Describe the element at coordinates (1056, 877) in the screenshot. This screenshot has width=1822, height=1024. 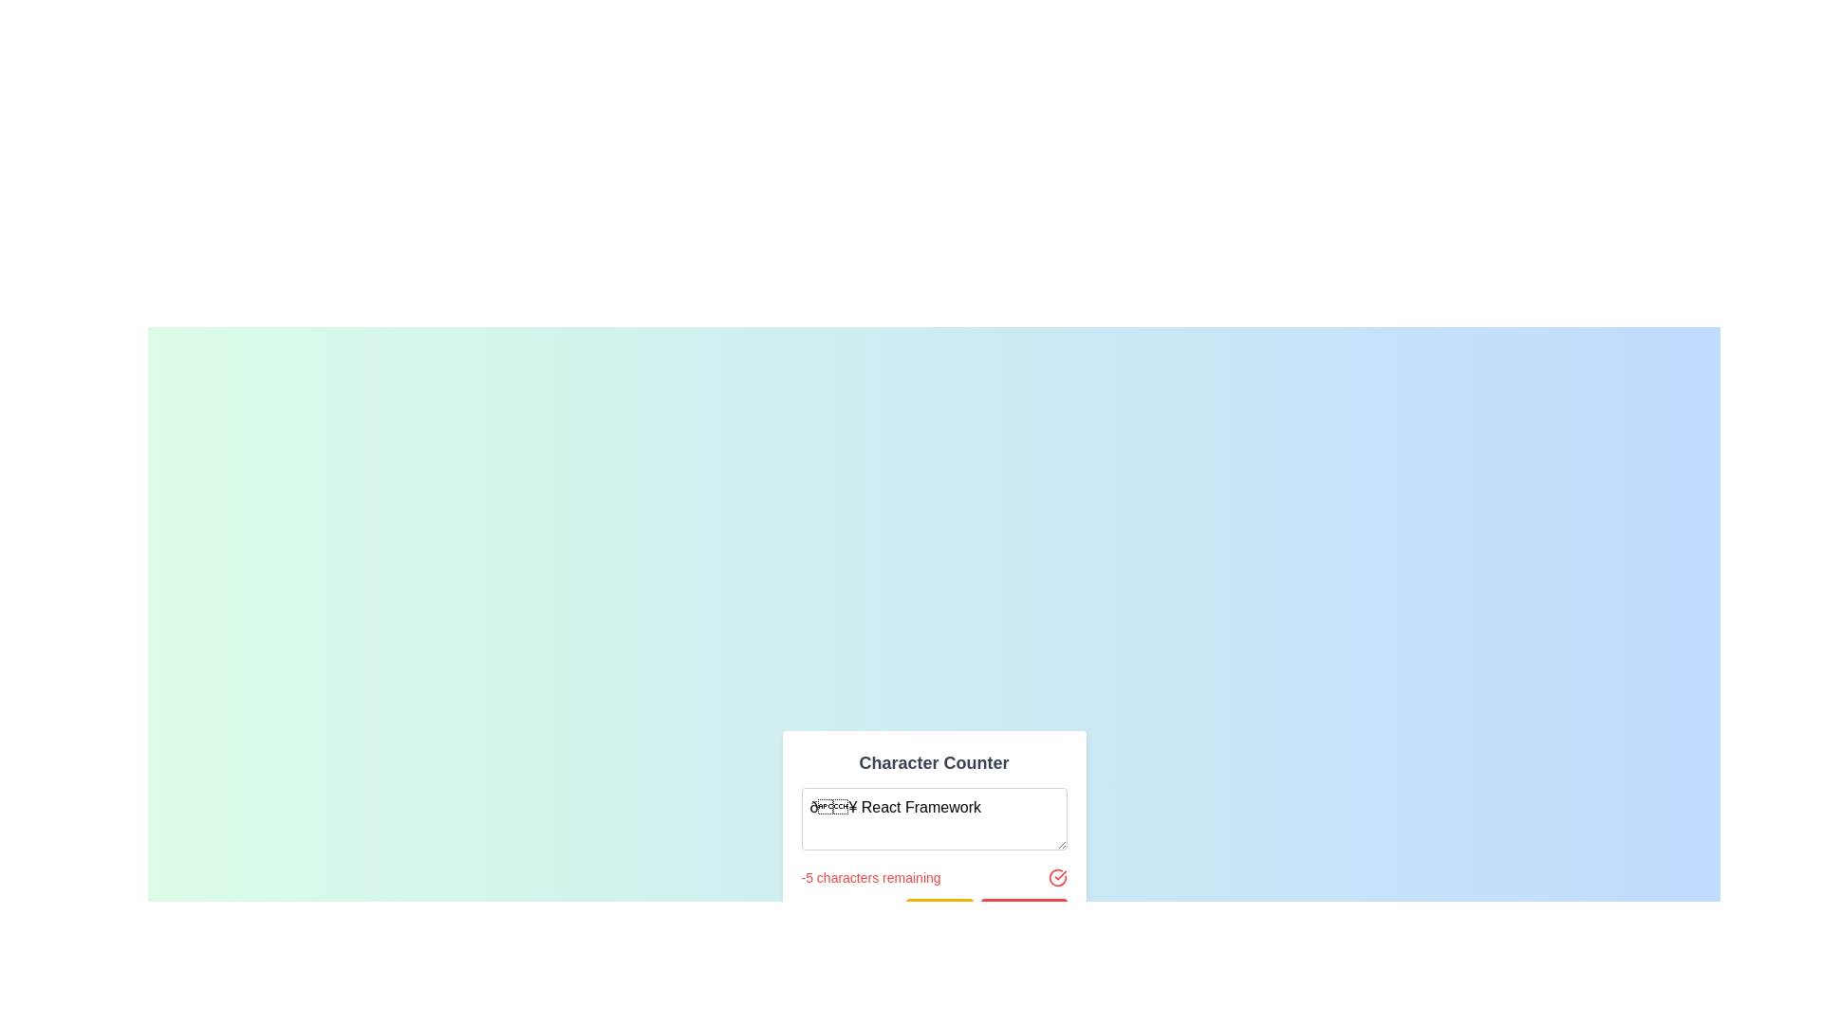
I see `the visual feedback of the red circular status icon with a checkmark, located to the far right of the text message '-5 characters remaining'` at that location.